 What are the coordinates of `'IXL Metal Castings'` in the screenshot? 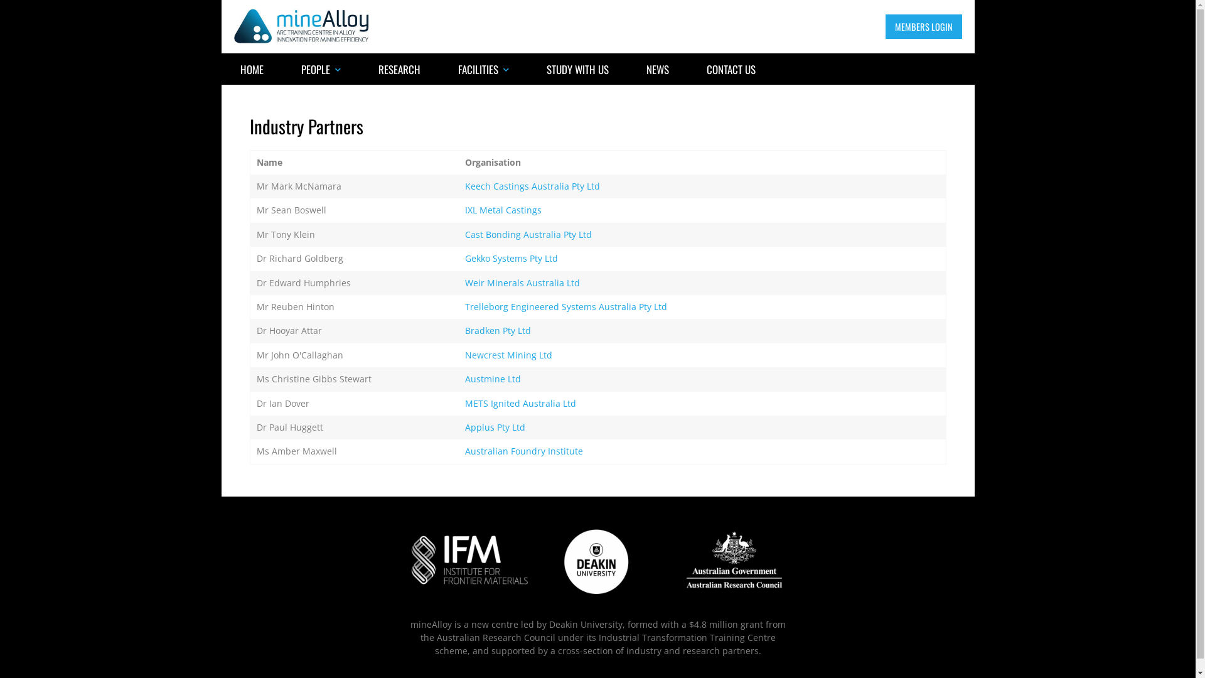 It's located at (503, 209).